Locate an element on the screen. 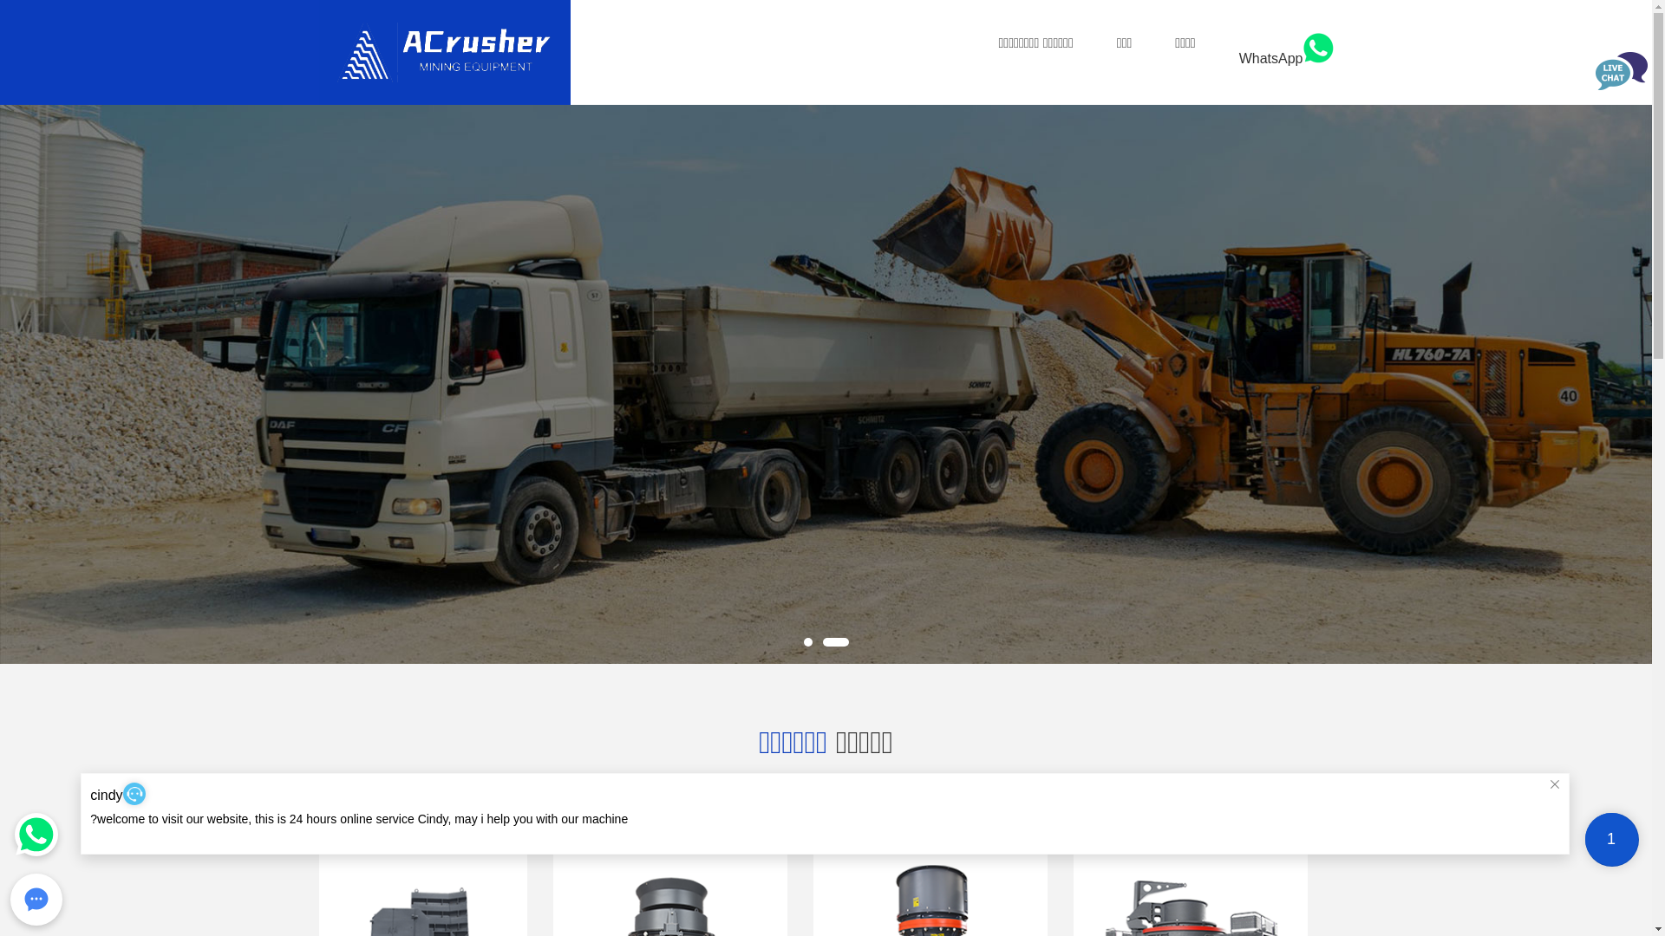 This screenshot has width=1665, height=936. 'WhatsApp' is located at coordinates (1238, 57).